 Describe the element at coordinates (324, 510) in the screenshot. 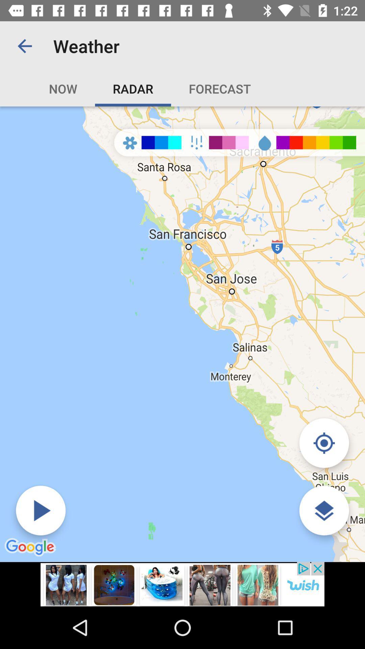

I see `open google map option` at that location.